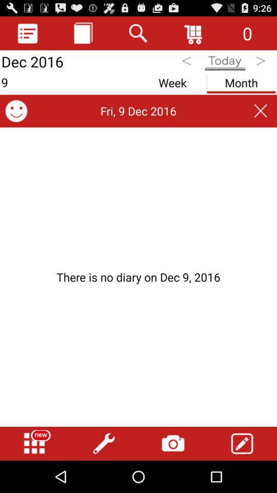  Describe the element at coordinates (83, 33) in the screenshot. I see `copy entry` at that location.